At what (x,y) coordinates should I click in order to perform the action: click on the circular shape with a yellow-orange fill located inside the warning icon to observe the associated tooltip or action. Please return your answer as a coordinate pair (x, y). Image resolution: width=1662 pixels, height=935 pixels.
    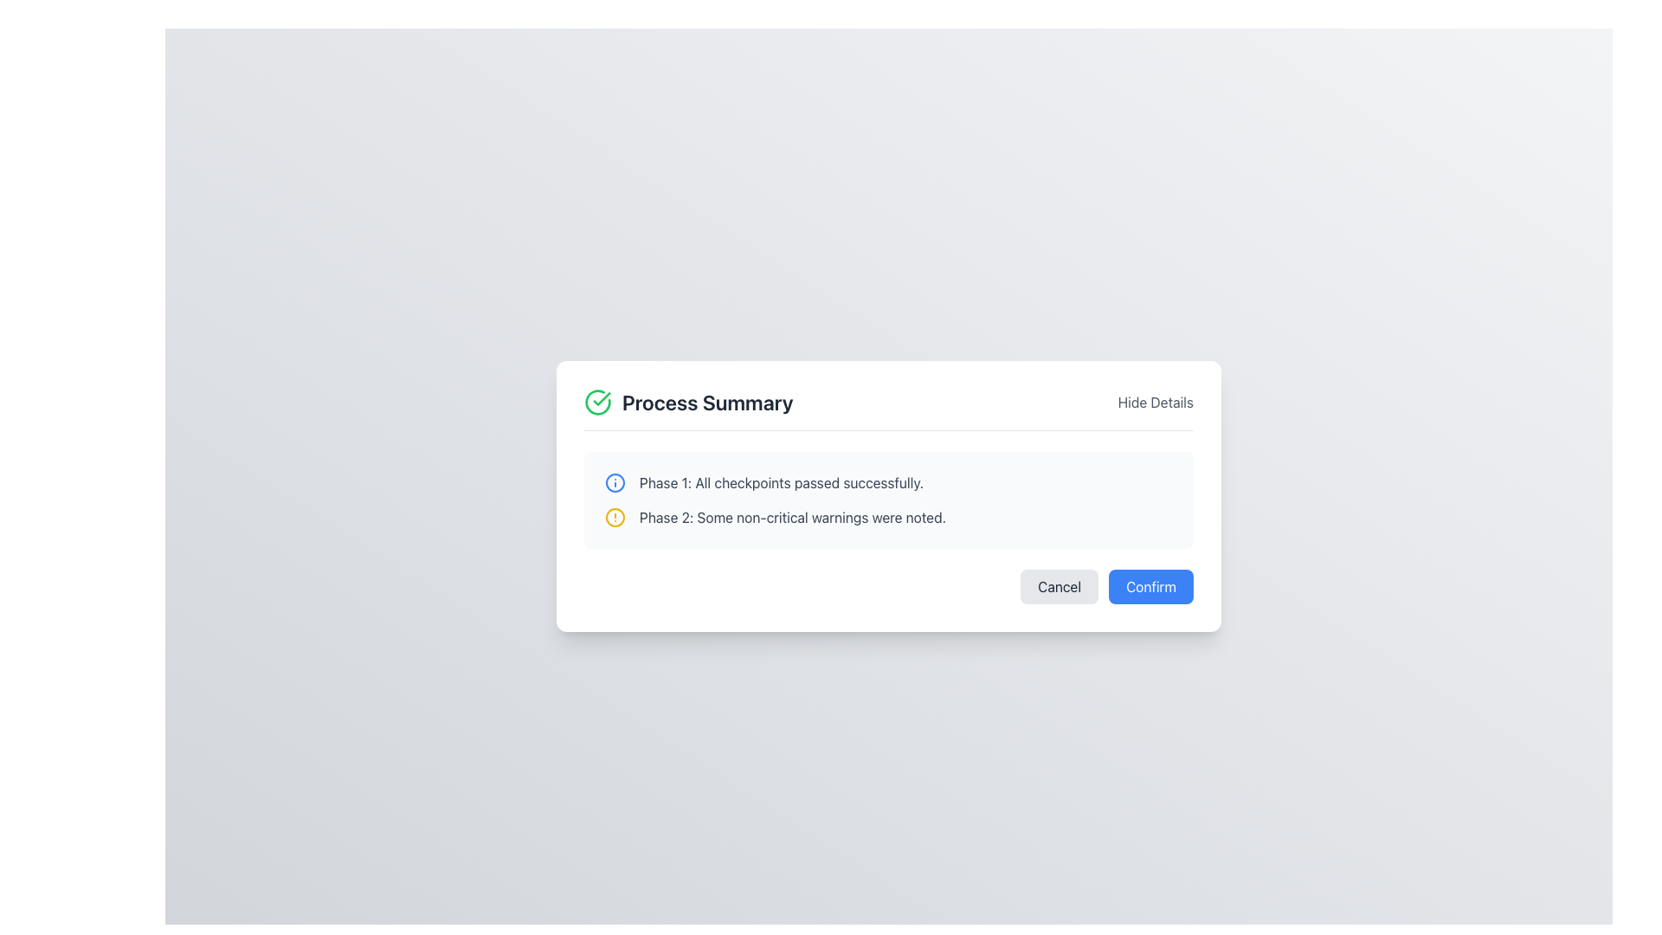
    Looking at the image, I should click on (615, 516).